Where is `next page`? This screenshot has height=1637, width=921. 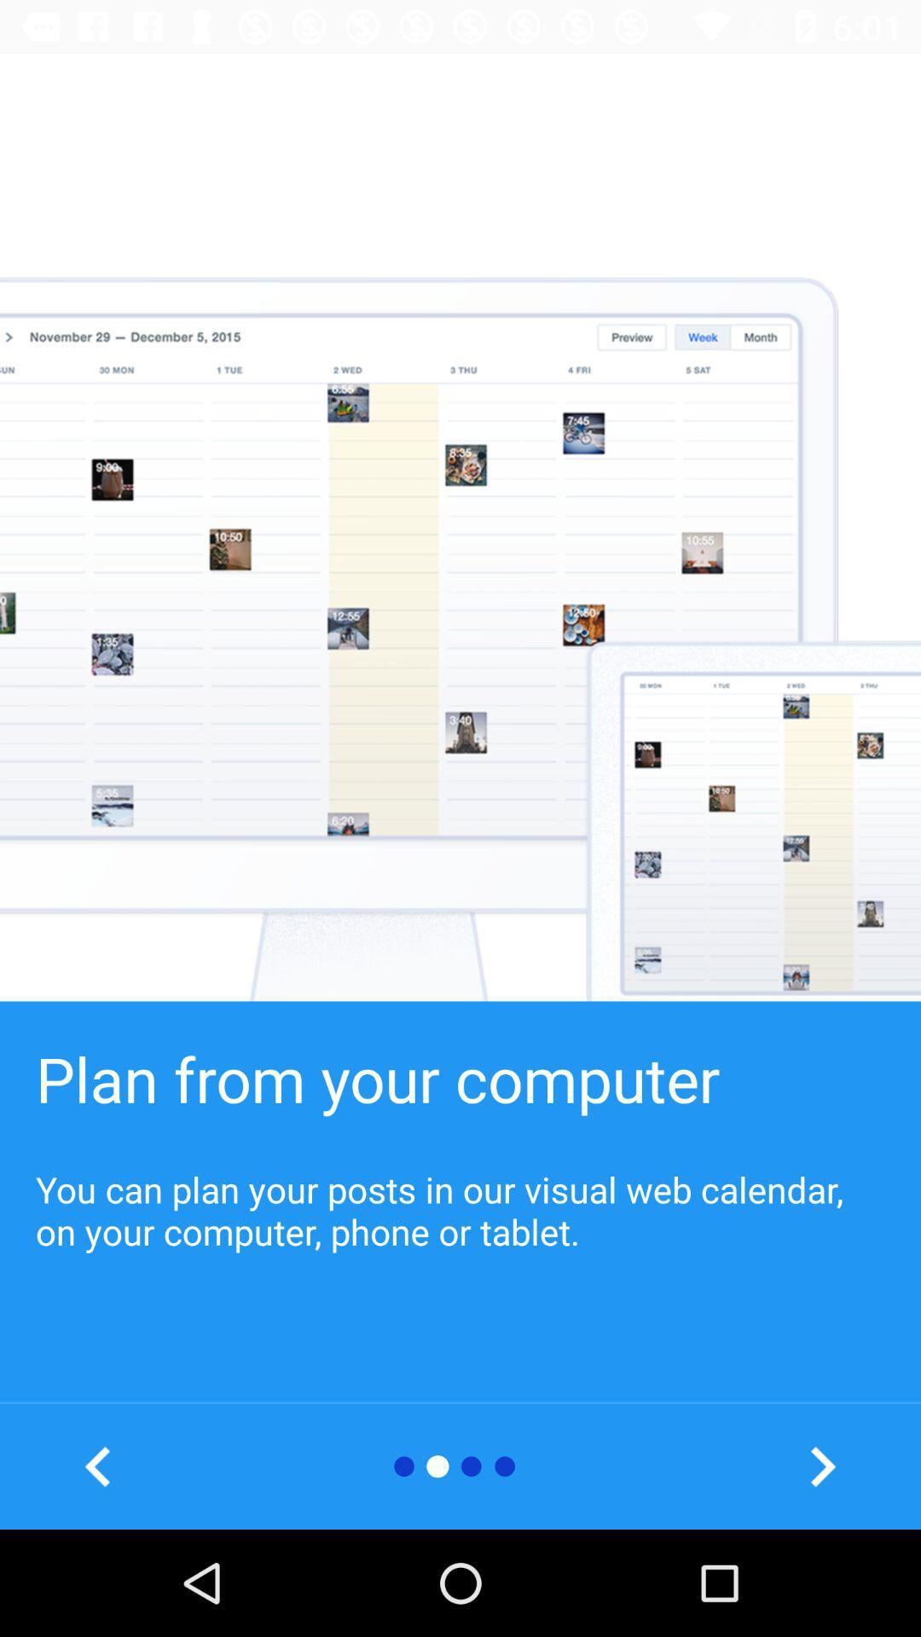 next page is located at coordinates (821, 1466).